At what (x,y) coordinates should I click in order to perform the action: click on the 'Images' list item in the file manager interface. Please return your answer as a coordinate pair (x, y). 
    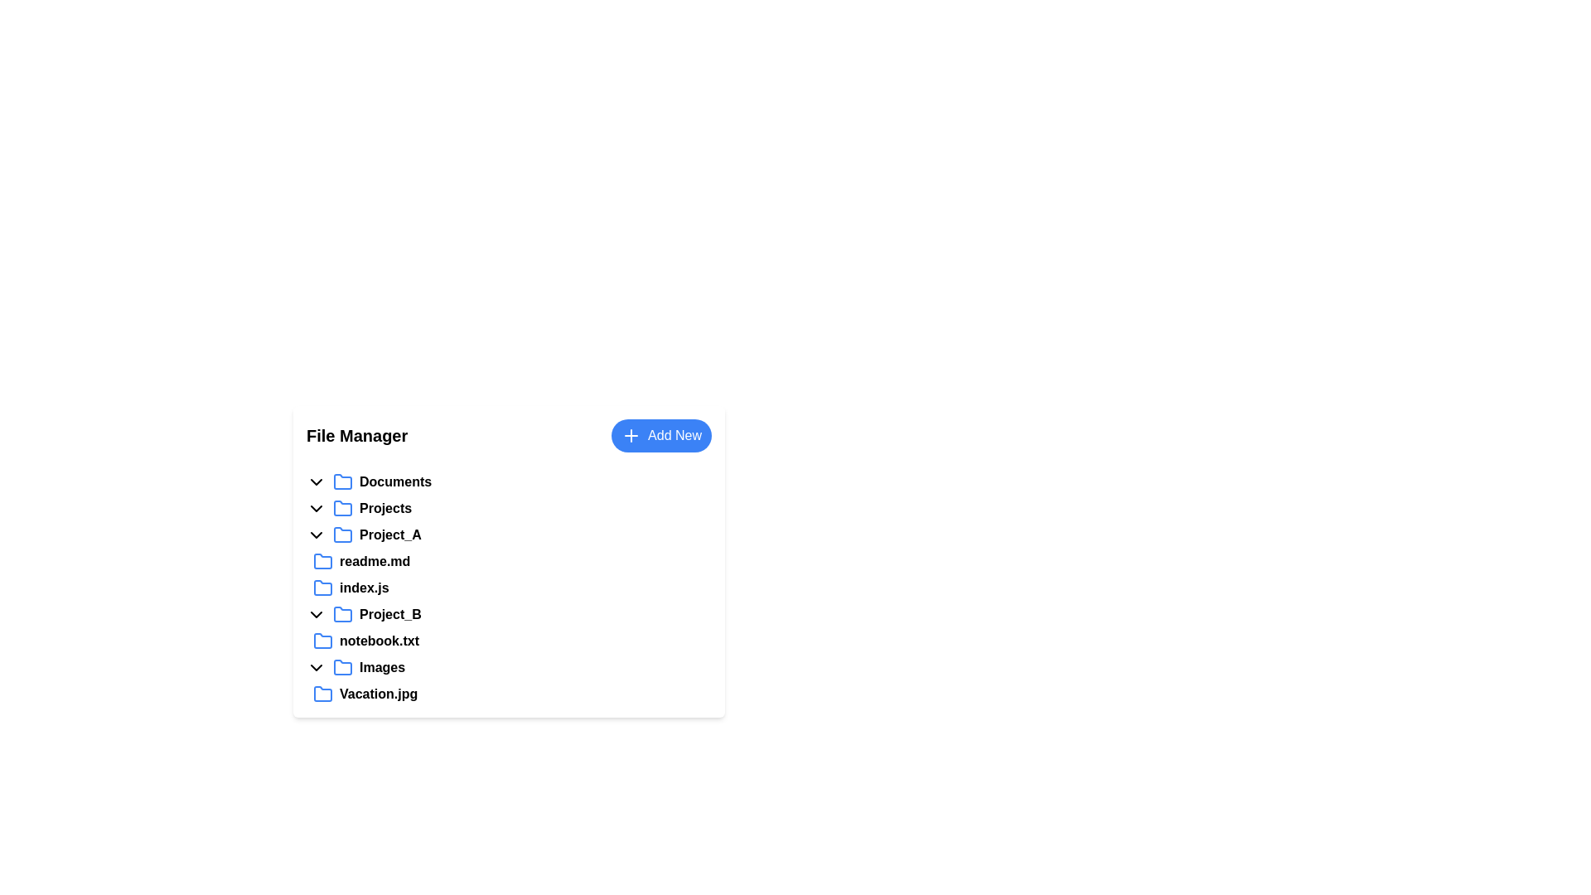
    Looking at the image, I should click on (508, 667).